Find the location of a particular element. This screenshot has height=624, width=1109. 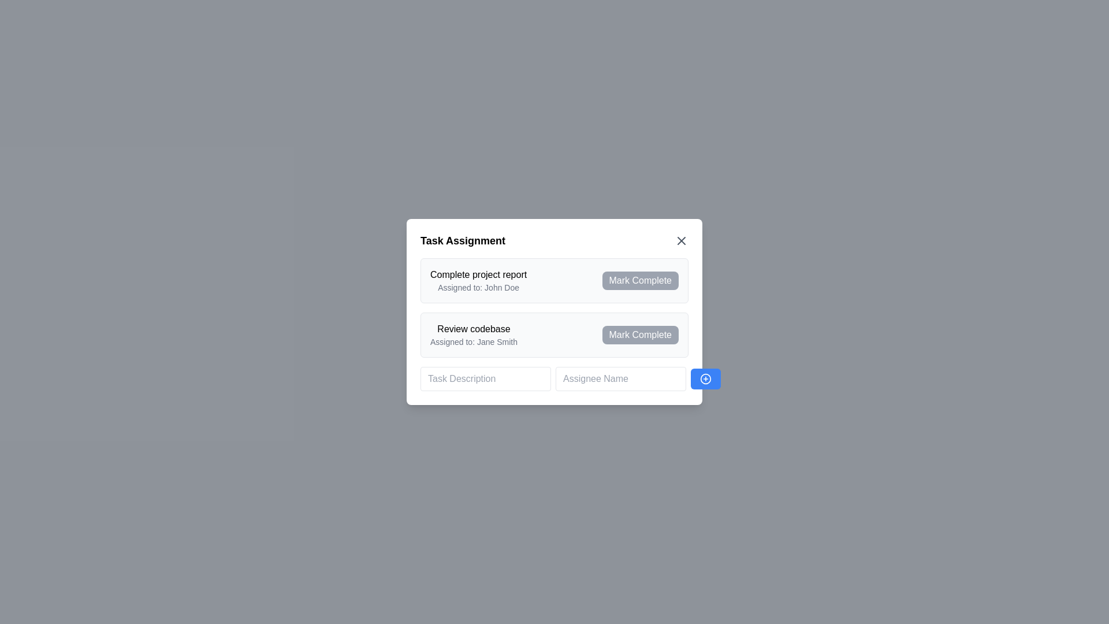

the text label reading 'Assigned to: Jane Smith', which is smaller and grayish, located below the bold text 'Review codebase' is located at coordinates (474, 341).